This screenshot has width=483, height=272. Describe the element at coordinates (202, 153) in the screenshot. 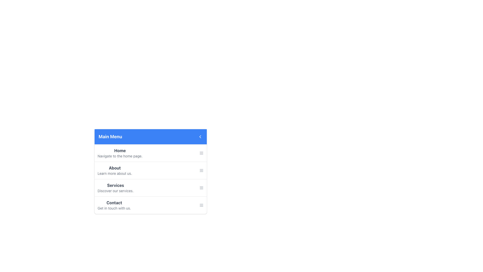

I see `the menu icon represented by three horizontal lines, located to the far right of the 'Home' label` at that location.